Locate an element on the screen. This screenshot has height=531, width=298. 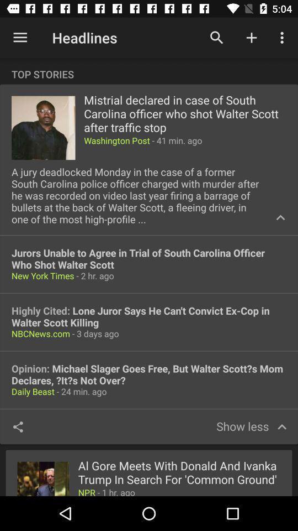
the share icon is located at coordinates (17, 426).